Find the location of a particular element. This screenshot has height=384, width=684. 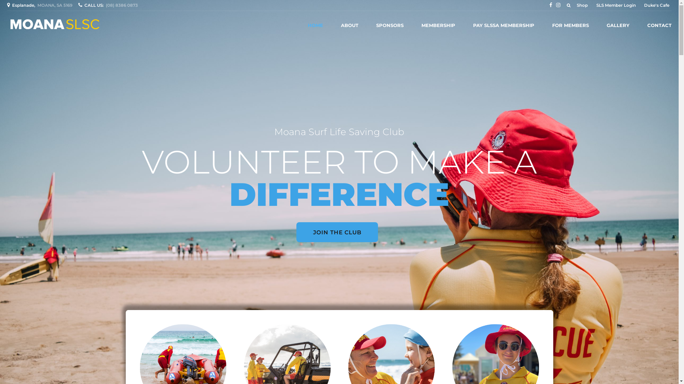

'CALL US:(08) 8386 0873' is located at coordinates (78, 5).